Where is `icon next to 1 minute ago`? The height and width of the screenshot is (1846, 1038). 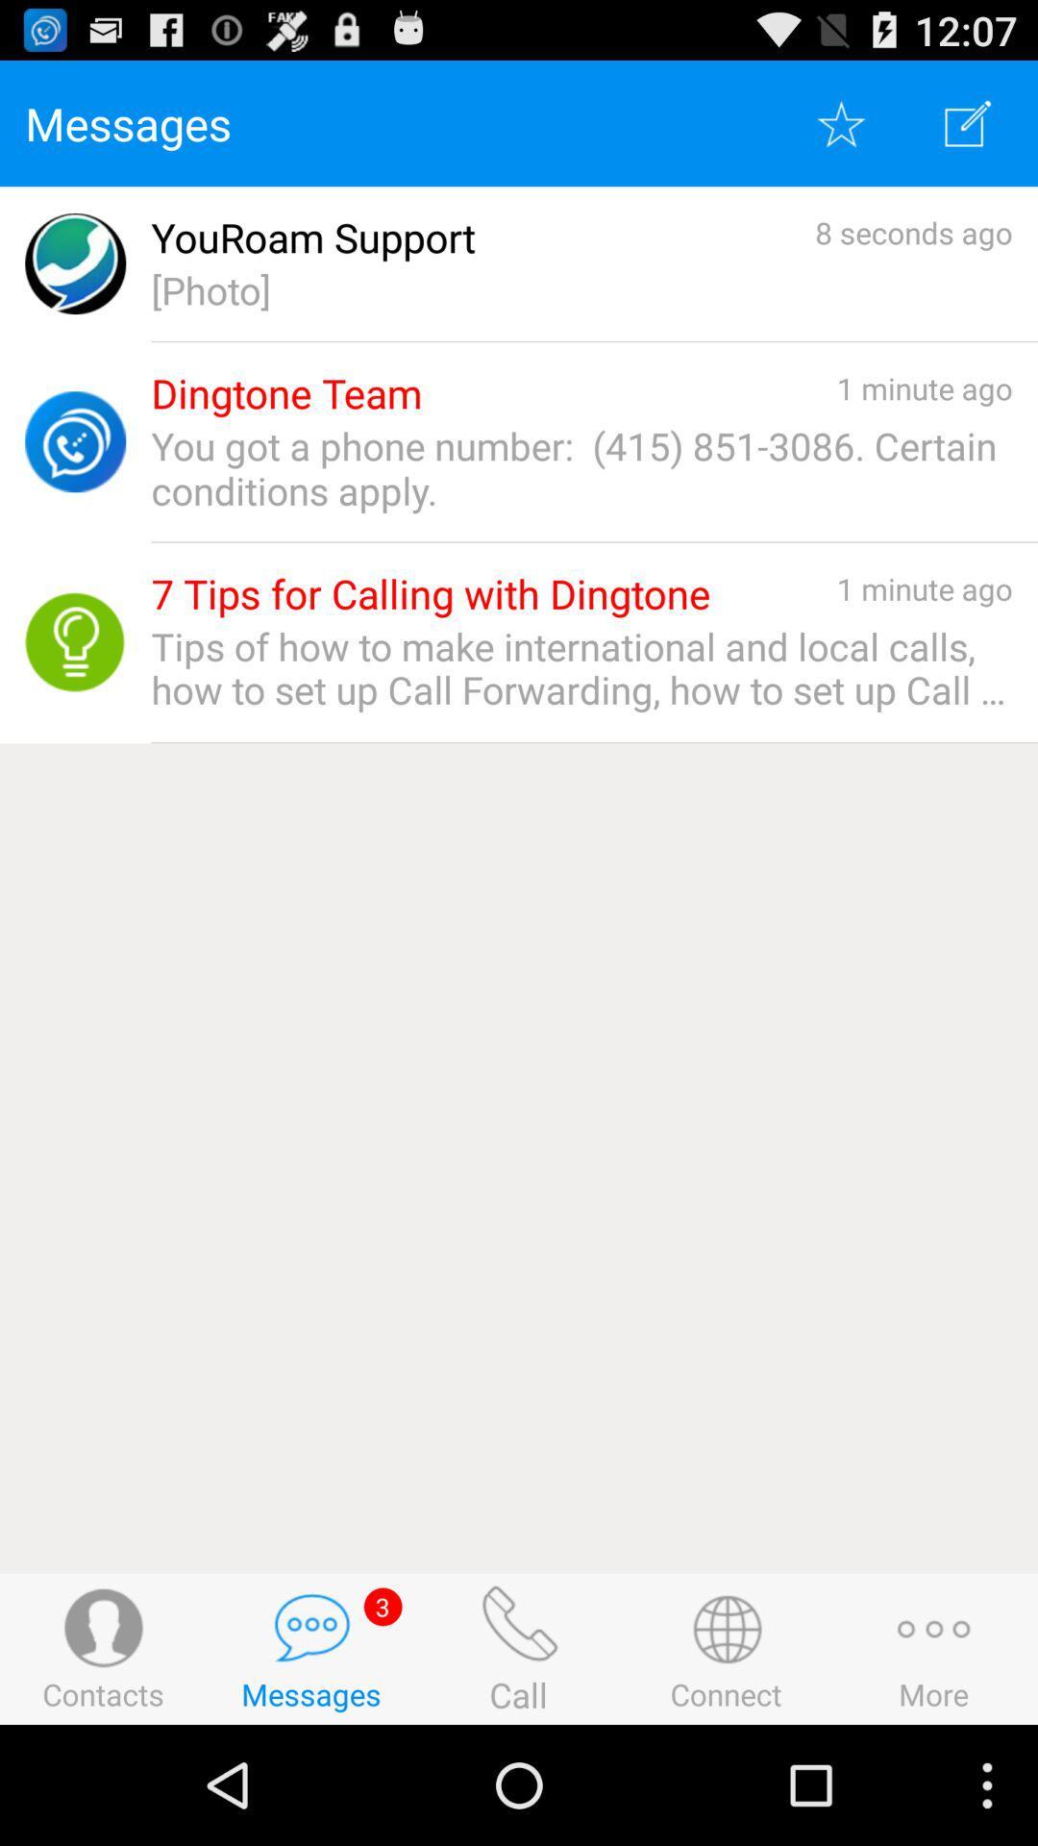 icon next to 1 minute ago is located at coordinates (286, 392).